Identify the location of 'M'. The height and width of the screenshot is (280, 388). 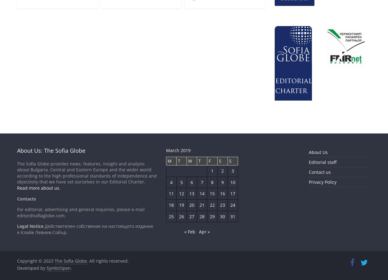
(169, 160).